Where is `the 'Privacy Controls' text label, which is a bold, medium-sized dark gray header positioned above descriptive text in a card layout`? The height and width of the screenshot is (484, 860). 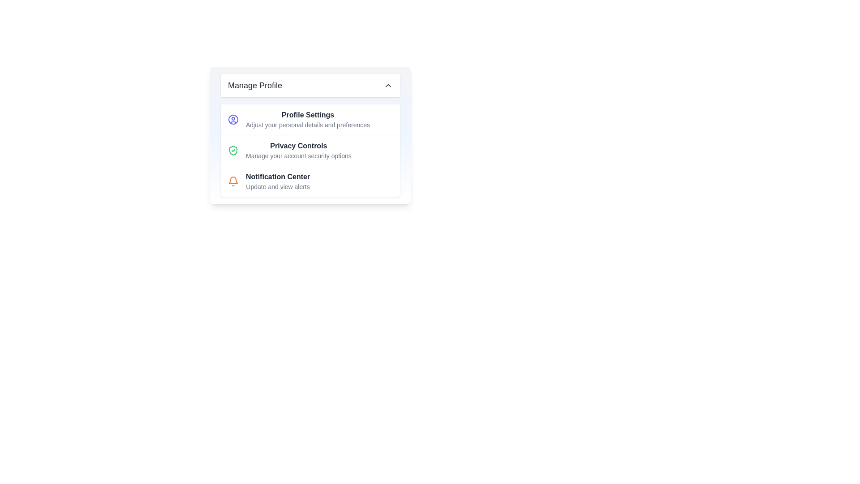 the 'Privacy Controls' text label, which is a bold, medium-sized dark gray header positioned above descriptive text in a card layout is located at coordinates (298, 146).